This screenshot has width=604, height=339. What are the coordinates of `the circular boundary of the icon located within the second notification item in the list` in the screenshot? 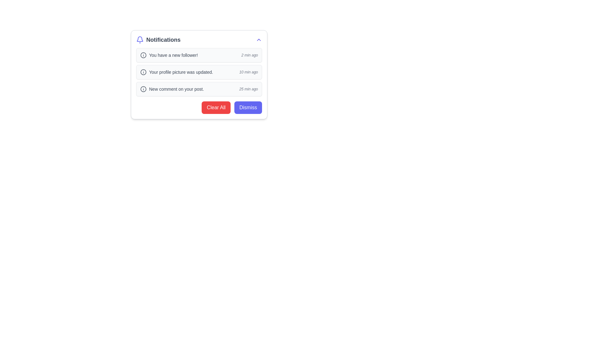 It's located at (143, 72).